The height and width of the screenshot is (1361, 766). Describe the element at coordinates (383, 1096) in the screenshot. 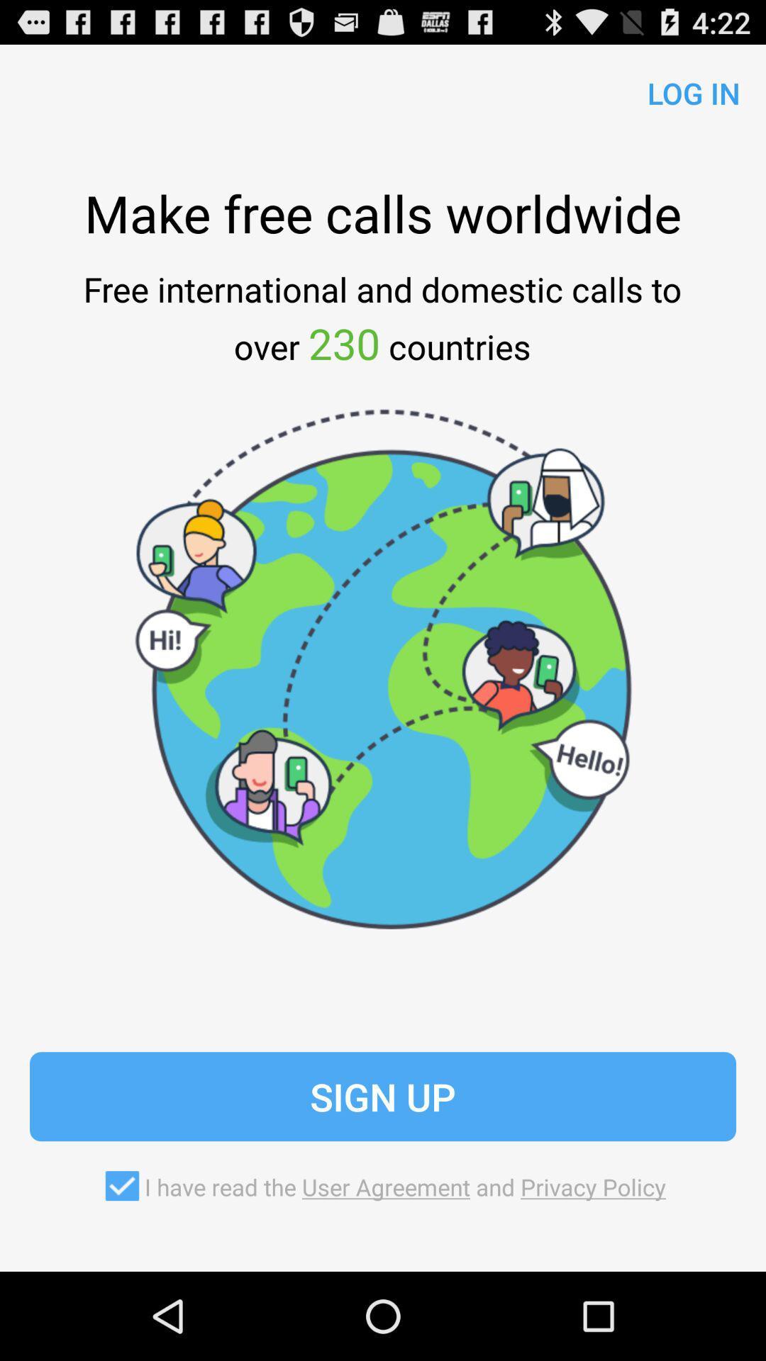

I see `the icon above i have read item` at that location.